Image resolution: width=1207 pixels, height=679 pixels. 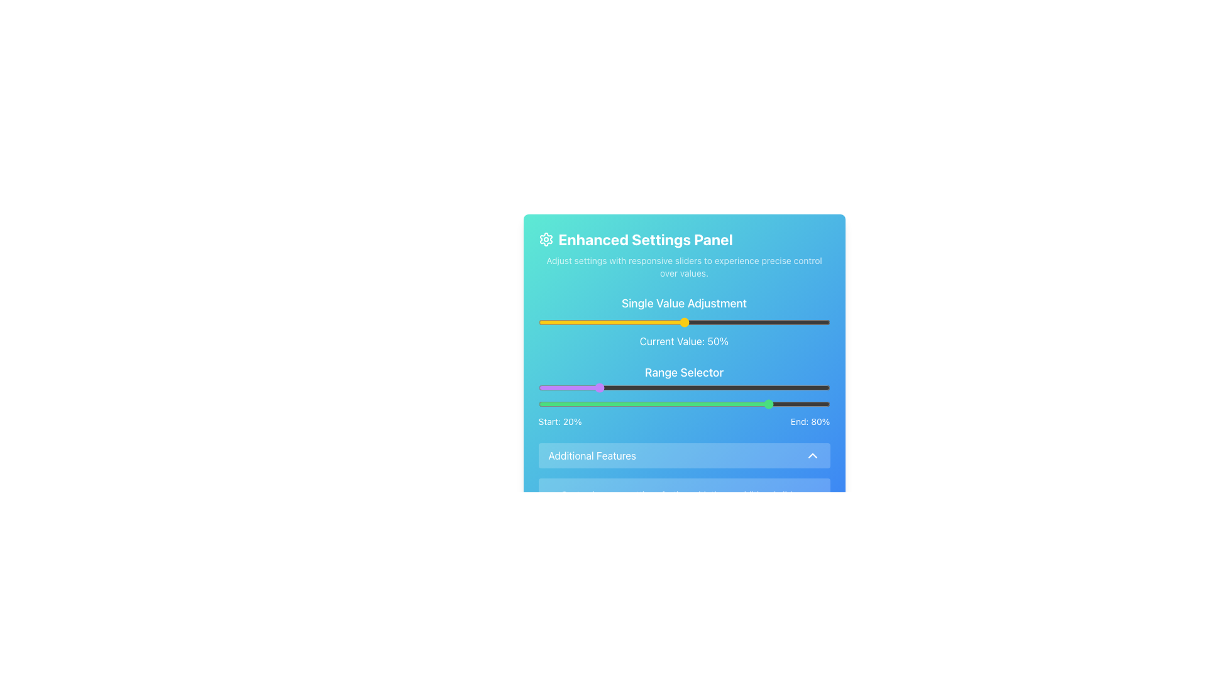 What do you see at coordinates (660, 387) in the screenshot?
I see `the range slider` at bounding box center [660, 387].